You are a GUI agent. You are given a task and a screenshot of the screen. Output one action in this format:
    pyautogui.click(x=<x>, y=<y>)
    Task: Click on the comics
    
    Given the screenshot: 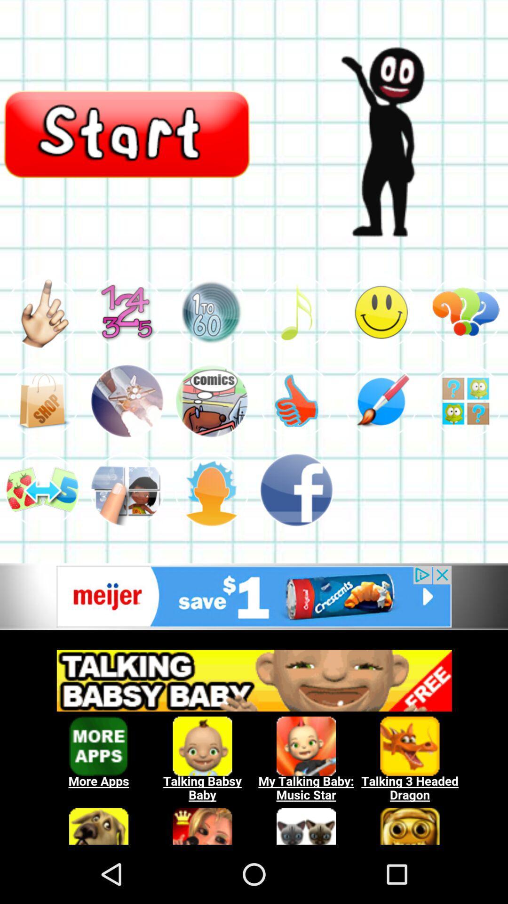 What is the action you would take?
    pyautogui.click(x=212, y=401)
    